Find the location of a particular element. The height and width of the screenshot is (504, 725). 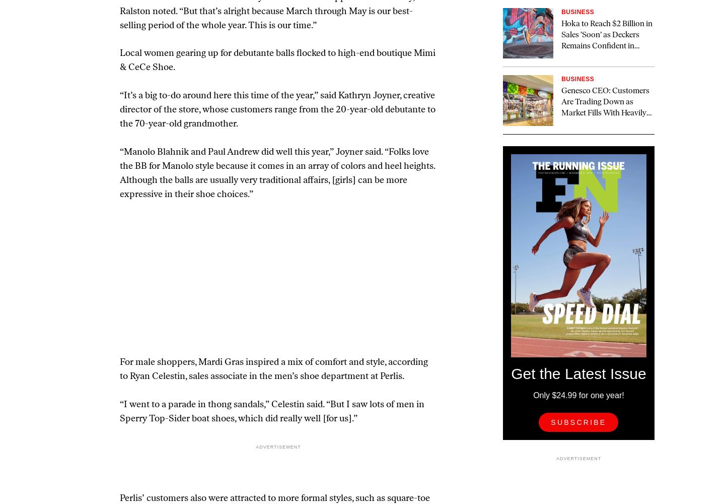

'Local women gearing up for debutante balls flocked to high-end boutique Mimi & CeCe Shoe.' is located at coordinates (277, 60).